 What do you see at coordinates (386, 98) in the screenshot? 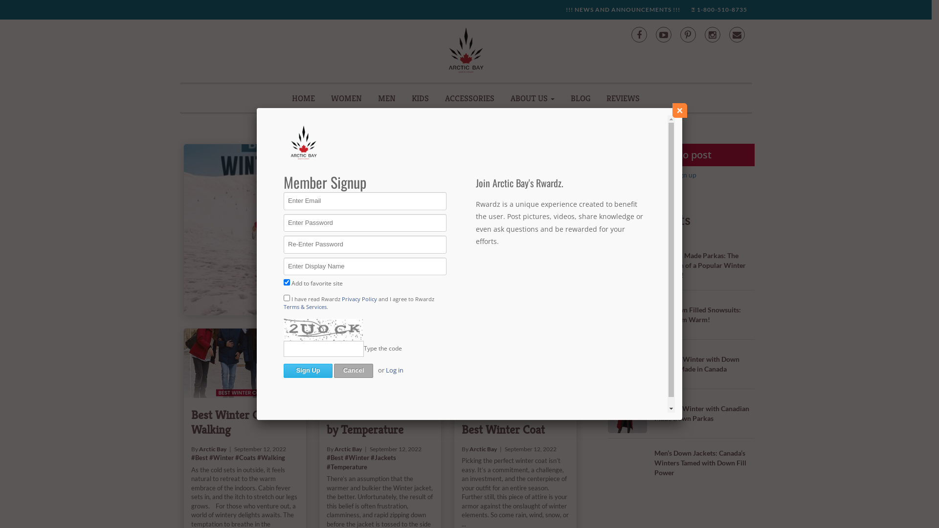
I see `'MEN'` at bounding box center [386, 98].